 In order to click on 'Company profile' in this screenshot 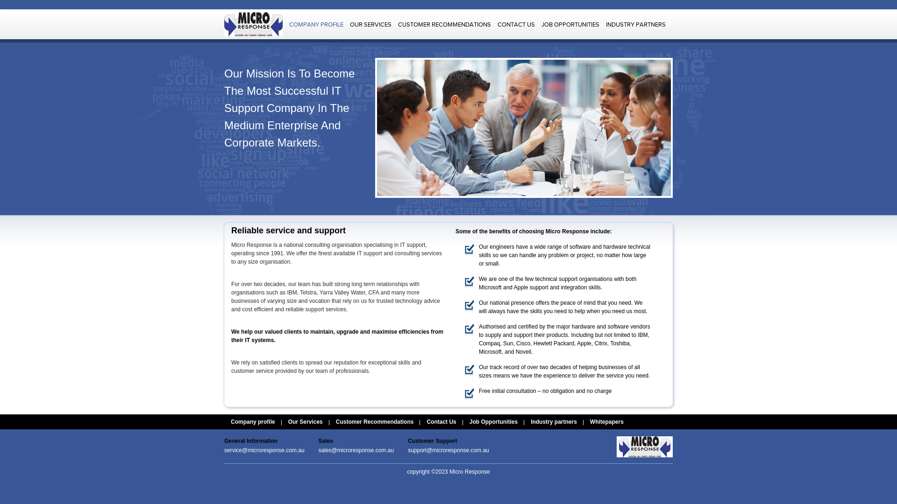, I will do `click(253, 421)`.